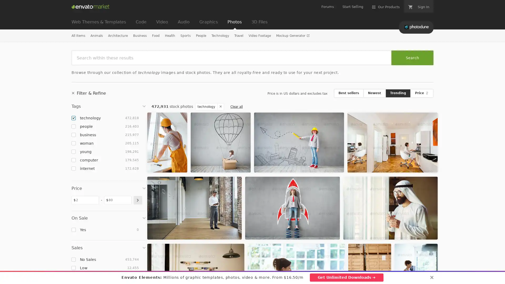 This screenshot has width=505, height=284. I want to click on Add to Favorites, so click(337, 250).